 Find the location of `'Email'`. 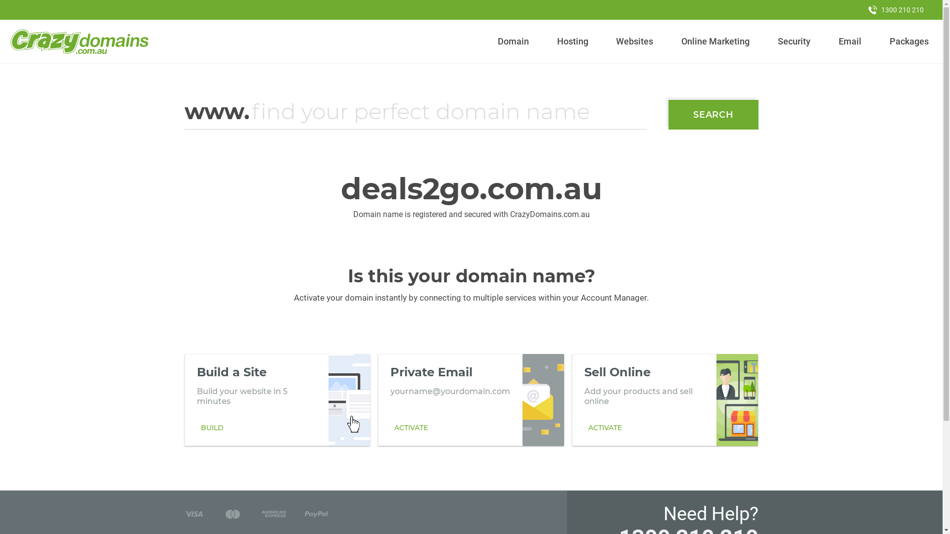

'Email' is located at coordinates (833, 41).